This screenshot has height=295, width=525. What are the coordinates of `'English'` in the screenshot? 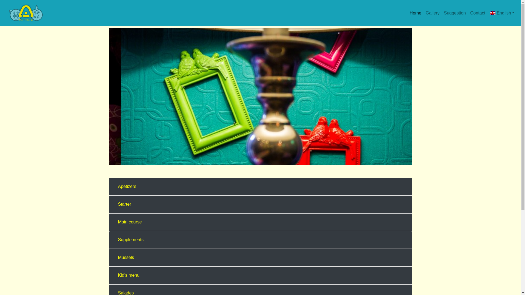 It's located at (487, 13).